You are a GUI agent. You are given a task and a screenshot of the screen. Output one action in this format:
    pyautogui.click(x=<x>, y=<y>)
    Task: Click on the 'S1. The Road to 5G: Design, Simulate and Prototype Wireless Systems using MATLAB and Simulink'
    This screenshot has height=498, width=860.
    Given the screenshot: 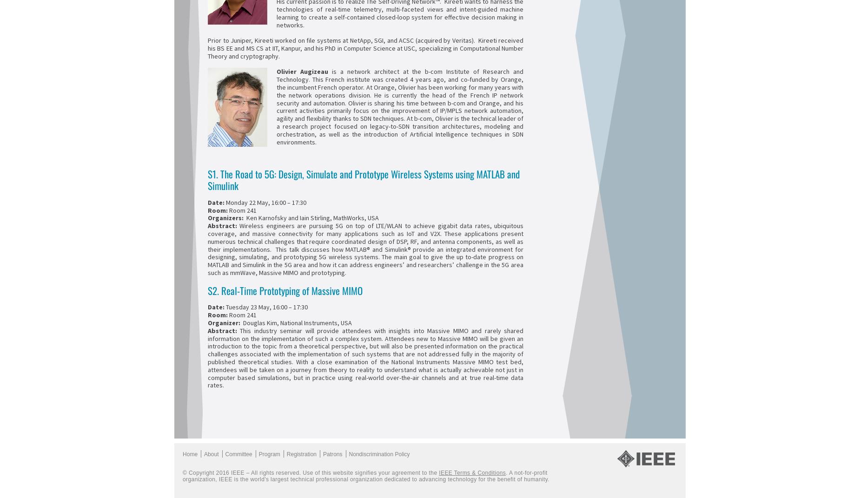 What is the action you would take?
    pyautogui.click(x=364, y=179)
    